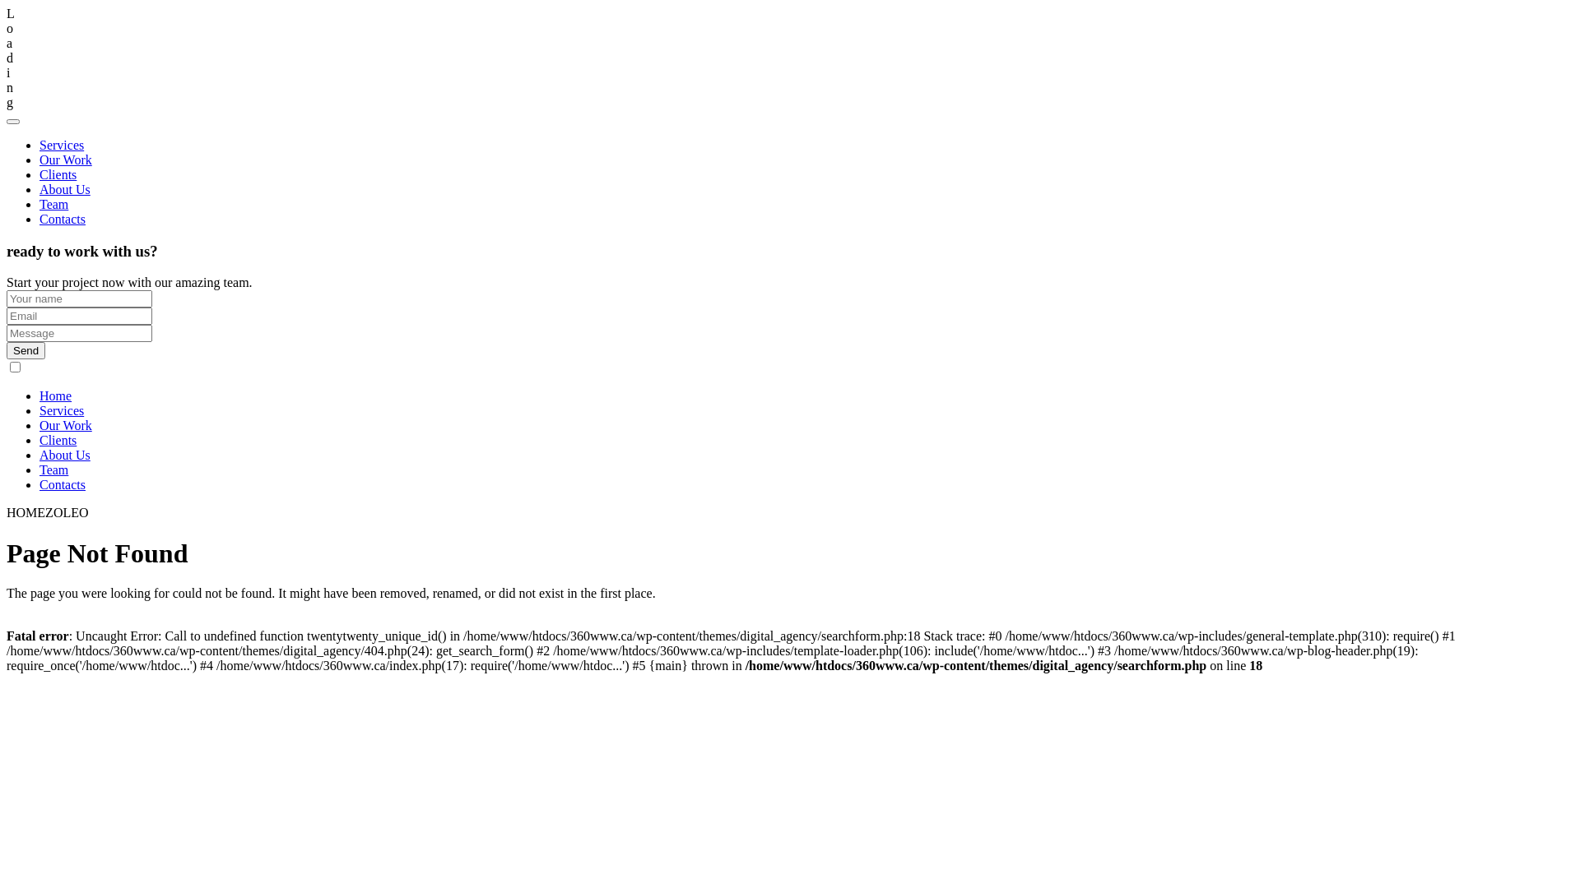 This screenshot has height=888, width=1580. Describe the element at coordinates (39, 144) in the screenshot. I see `'Services'` at that location.